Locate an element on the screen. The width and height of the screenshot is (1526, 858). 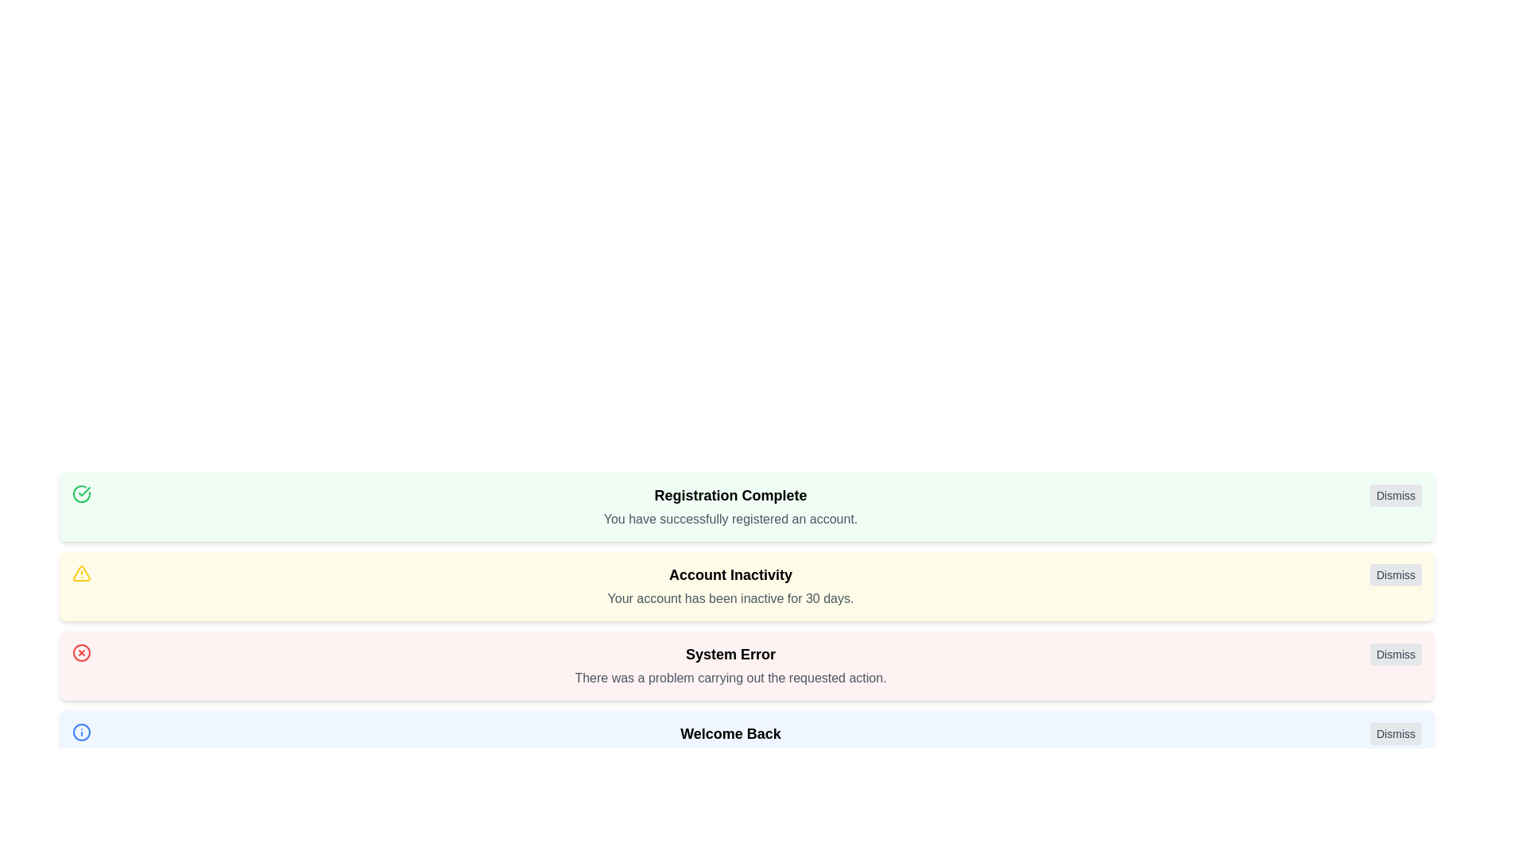
the warning icon located on the second horizontal notification bar from the top, positioned to the left within its bar, to acknowledge the warning is located at coordinates (80, 573).